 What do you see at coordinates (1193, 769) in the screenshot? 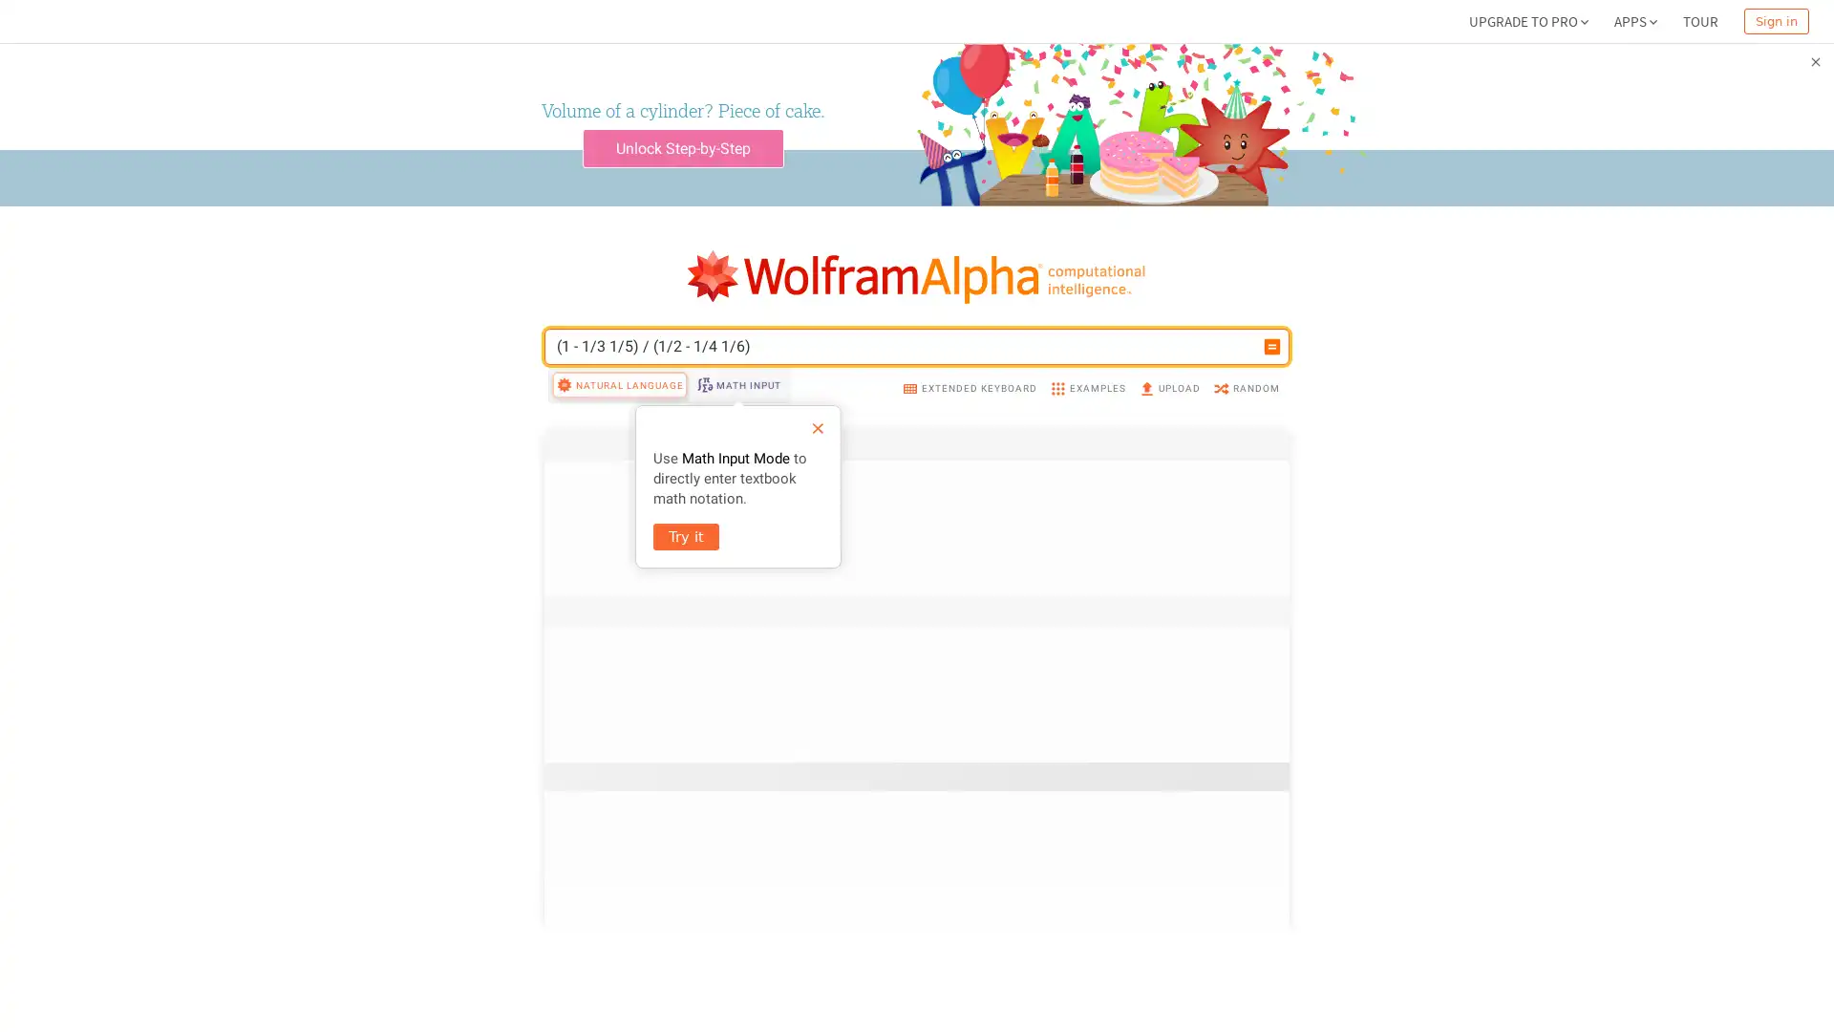
I see `Step-by-step solution` at bounding box center [1193, 769].